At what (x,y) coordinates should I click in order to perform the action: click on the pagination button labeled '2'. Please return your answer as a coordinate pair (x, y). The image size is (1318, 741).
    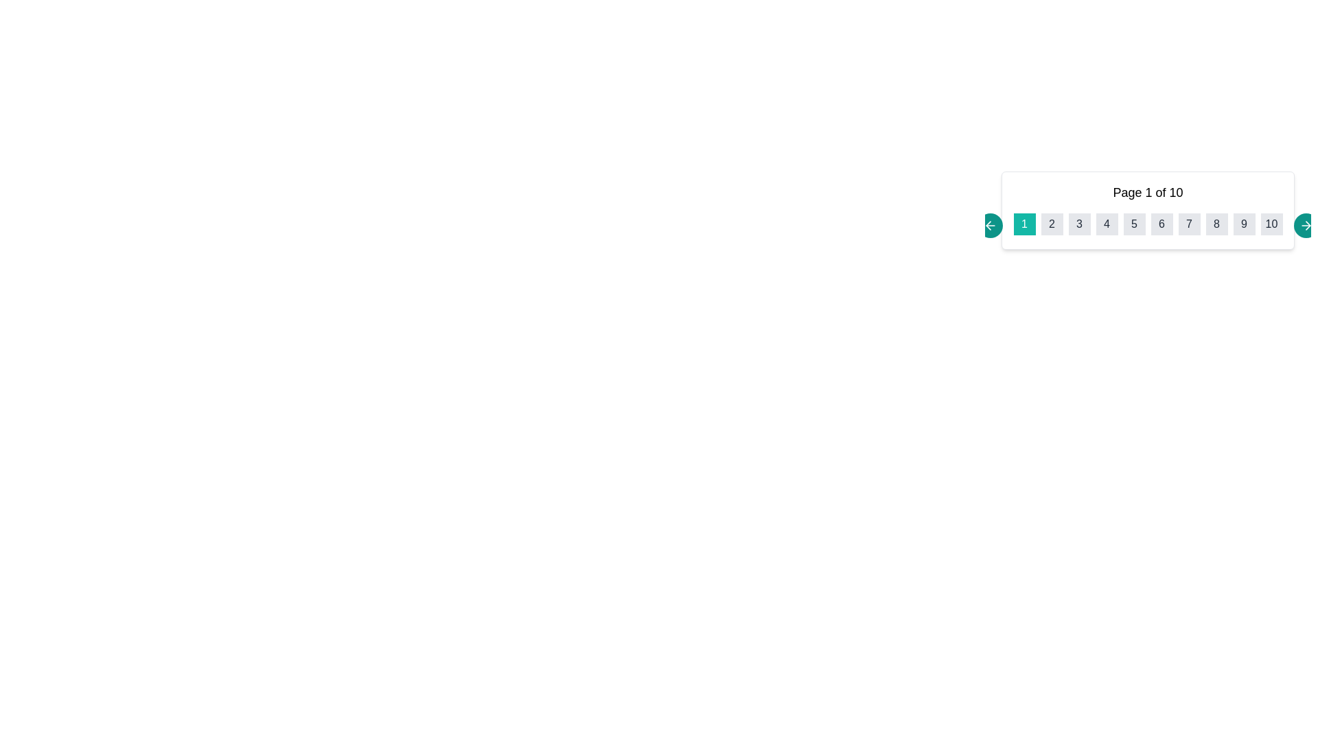
    Looking at the image, I should click on (1051, 224).